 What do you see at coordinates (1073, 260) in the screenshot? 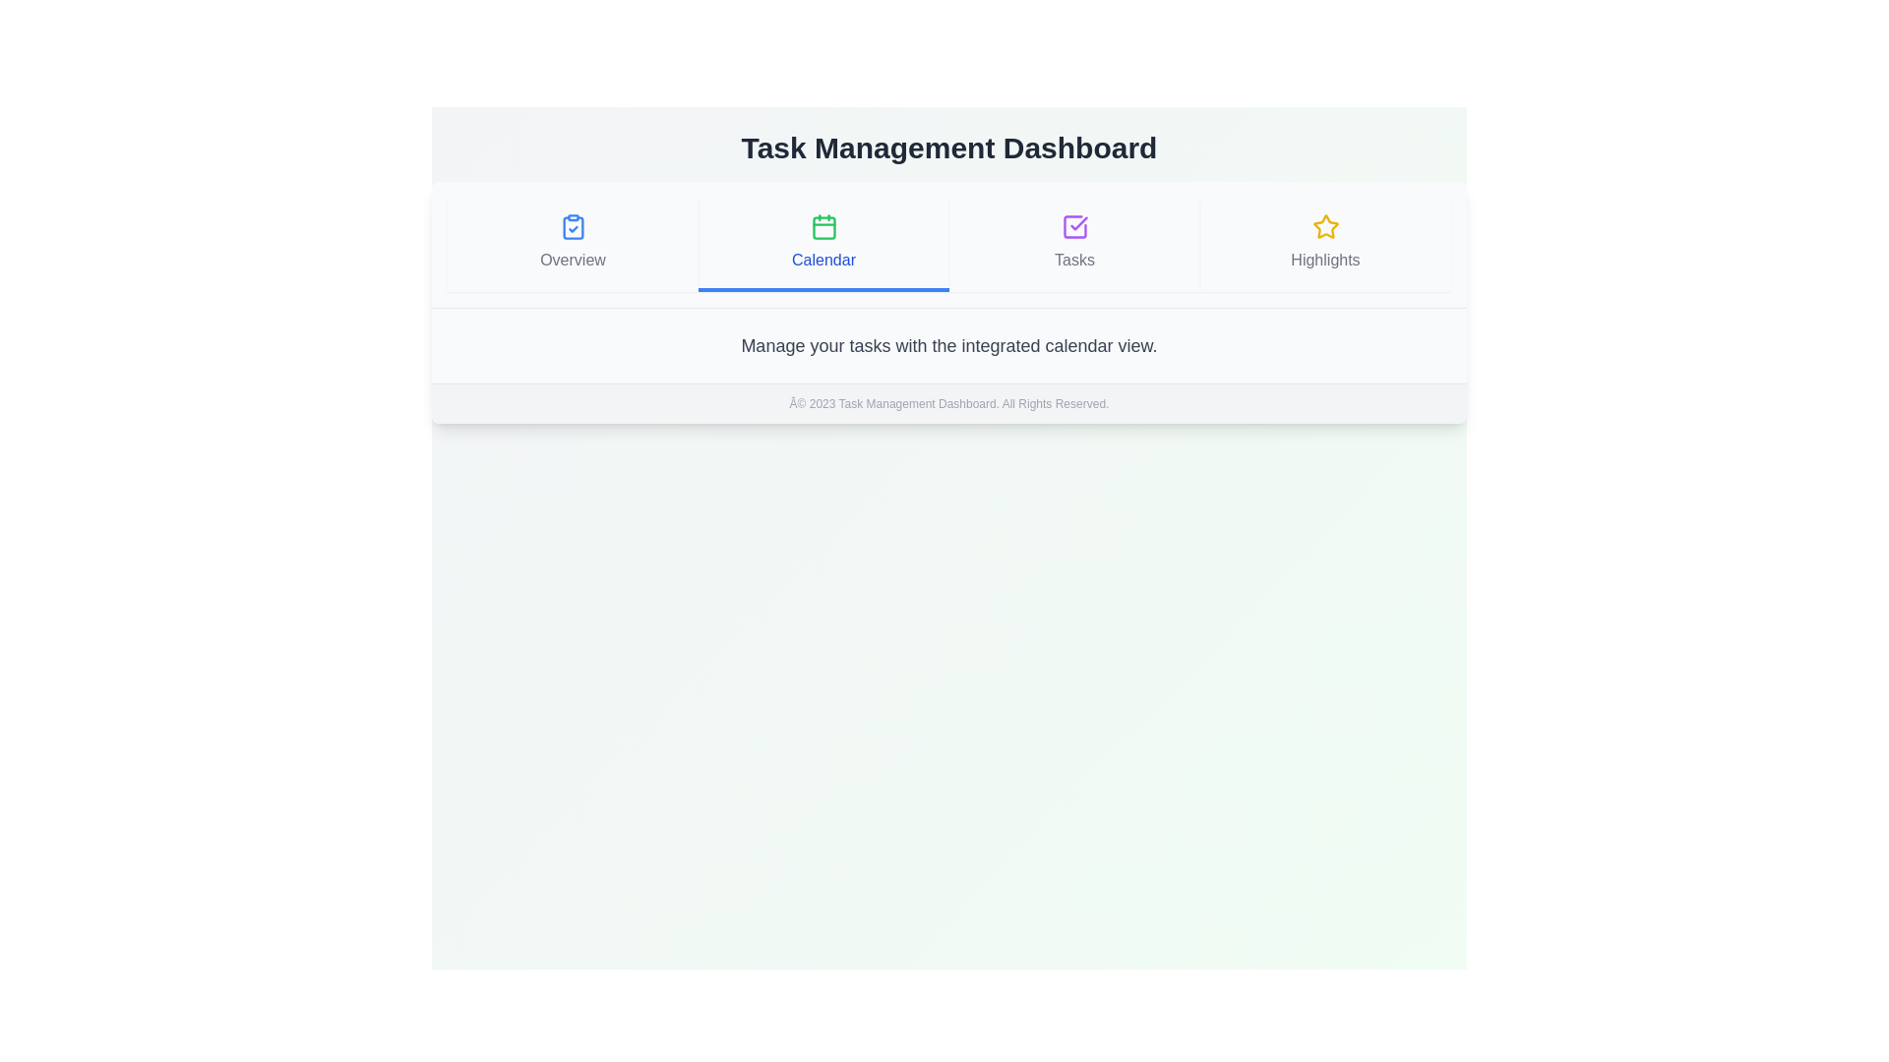
I see `text label 'Tasks' located in the third position of the horizontal menu, styled consistently with other elements and positioned below a purple check icon` at bounding box center [1073, 260].